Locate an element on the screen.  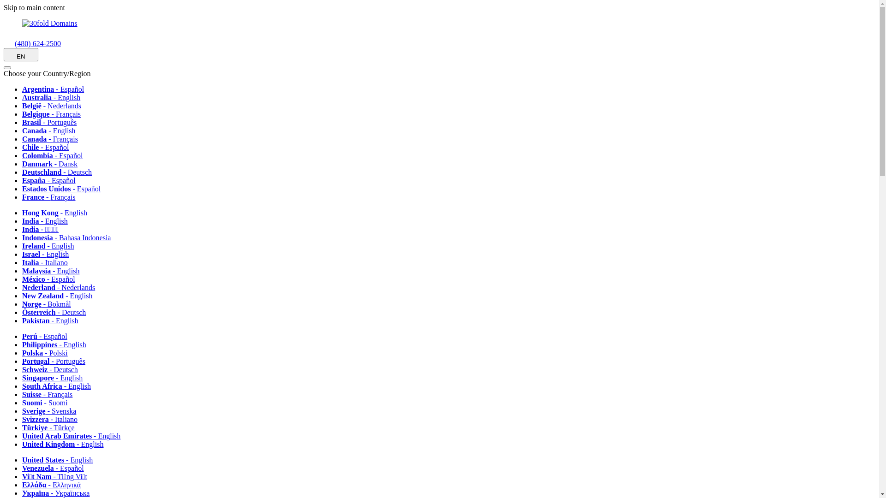
'Skip to main content' is located at coordinates (34, 7).